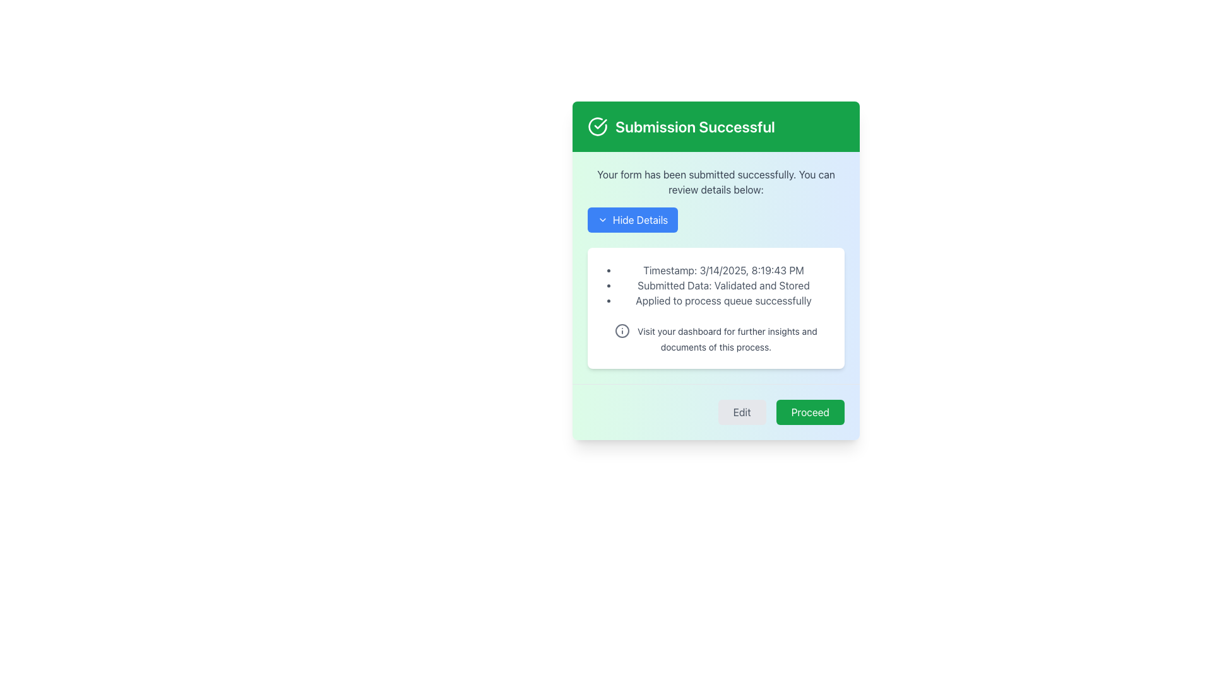 This screenshot has width=1212, height=681. I want to click on the 'Edit' button, which is a rectangular button with rounded corners and a light gray background, located in the lower section of a modal dialog box, to initiate editing, so click(742, 412).